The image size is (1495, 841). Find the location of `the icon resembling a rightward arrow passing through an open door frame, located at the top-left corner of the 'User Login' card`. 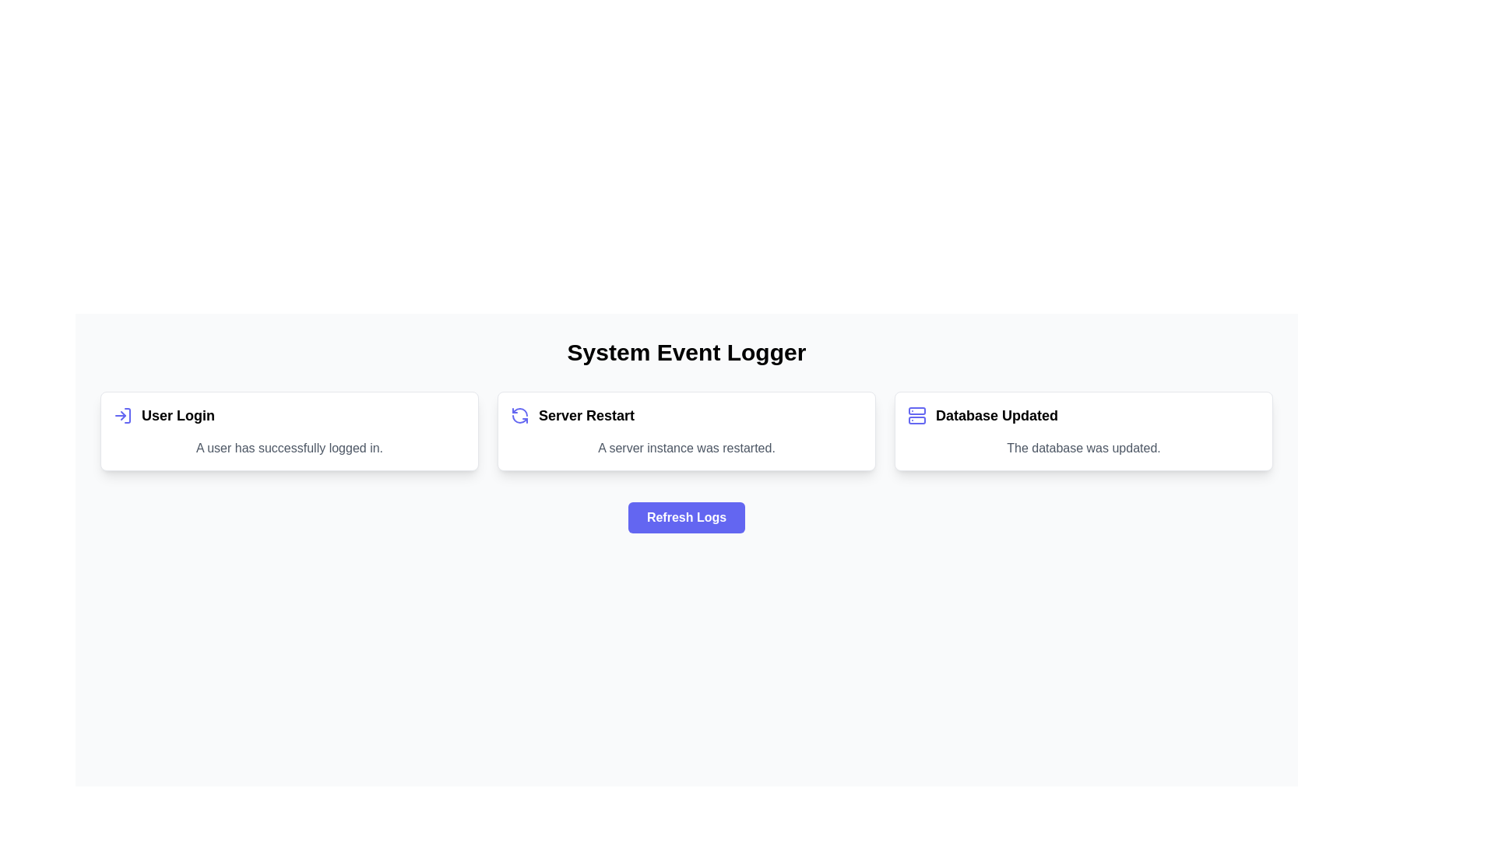

the icon resembling a rightward arrow passing through an open door frame, located at the top-left corner of the 'User Login' card is located at coordinates (122, 414).